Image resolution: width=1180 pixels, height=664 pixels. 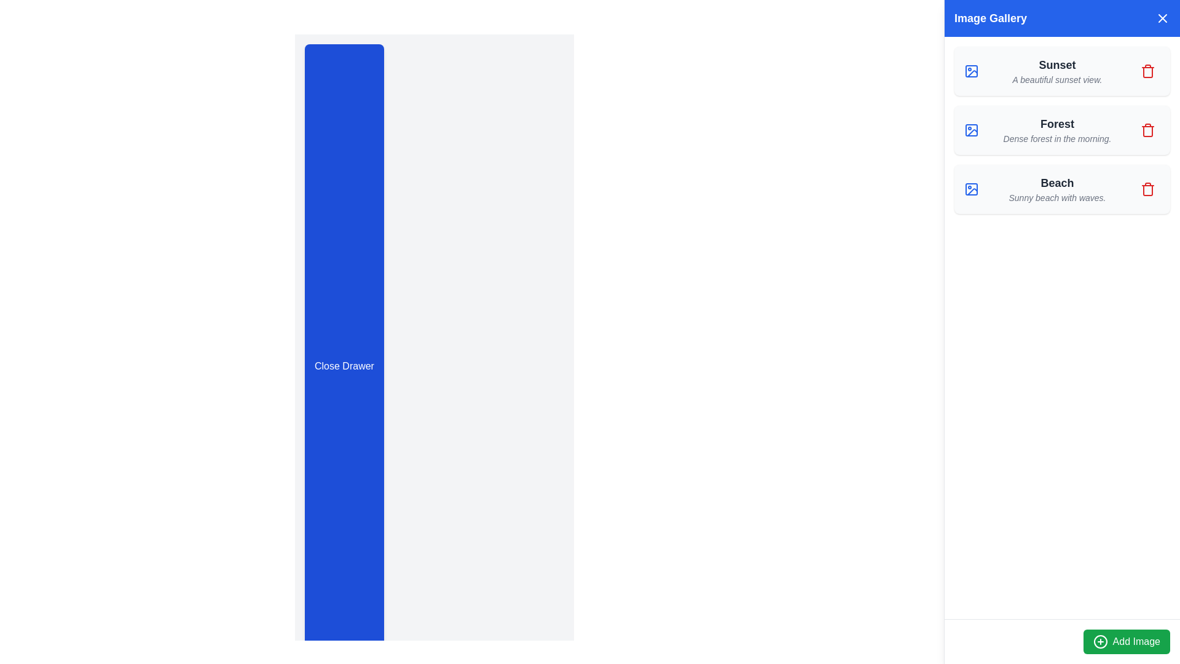 What do you see at coordinates (1056, 183) in the screenshot?
I see `the title text for the image description 'Sunny beach with waves.' located in the third item of the vertical list within the 'Image Gallery' panel` at bounding box center [1056, 183].